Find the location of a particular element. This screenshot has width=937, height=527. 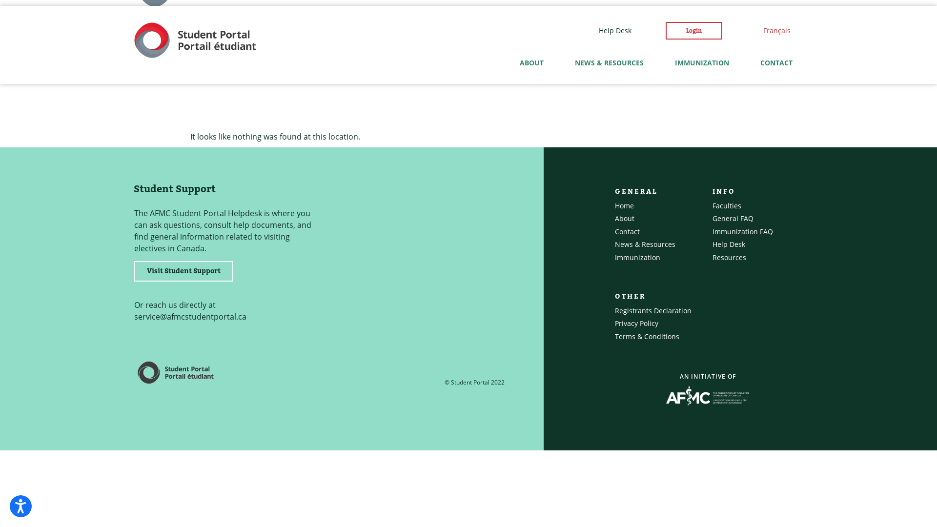

'Registrants Declaration' is located at coordinates (653, 310).